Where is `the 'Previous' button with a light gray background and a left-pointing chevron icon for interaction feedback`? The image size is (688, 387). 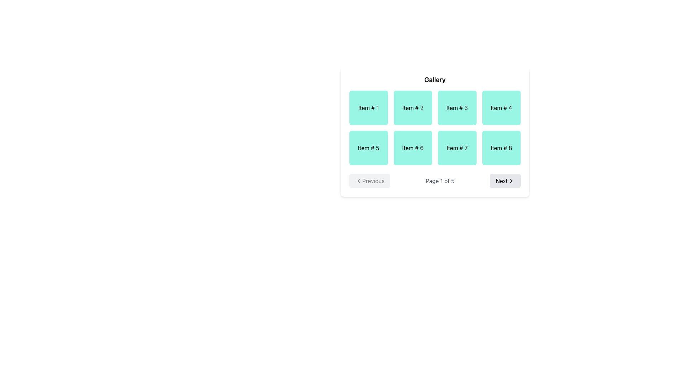
the 'Previous' button with a light gray background and a left-pointing chevron icon for interaction feedback is located at coordinates (370, 181).